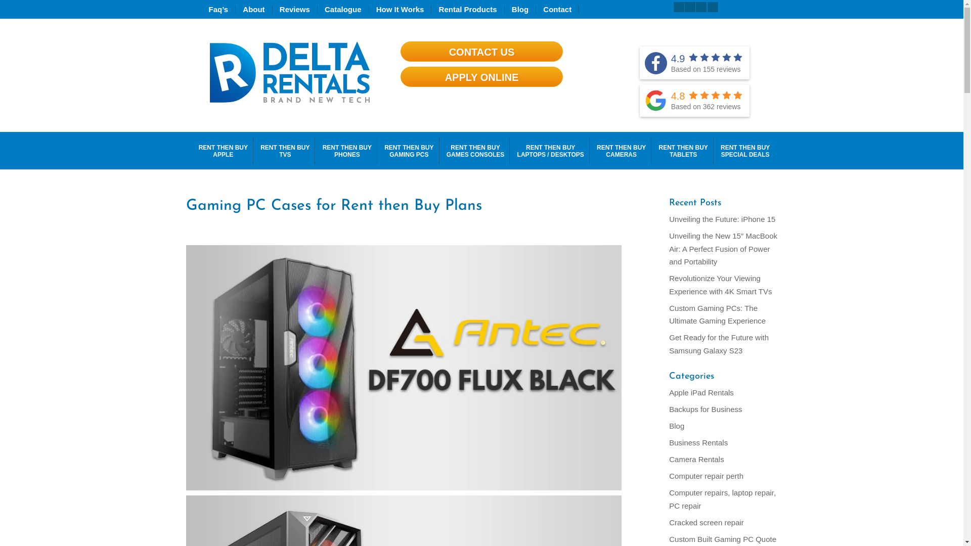 The height and width of the screenshot is (546, 971). What do you see at coordinates (480, 51) in the screenshot?
I see `'CONTACT US'` at bounding box center [480, 51].